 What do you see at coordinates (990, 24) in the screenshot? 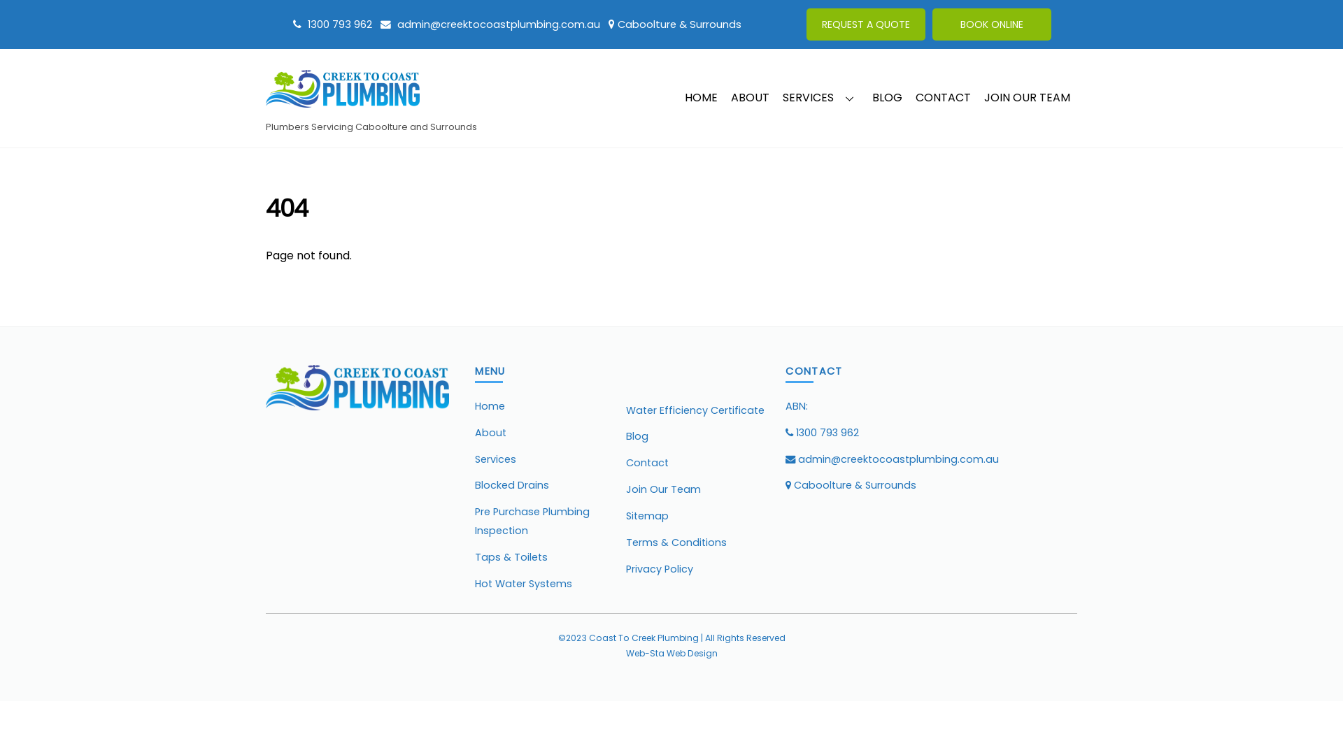
I see `'BOOK ONLINE'` at bounding box center [990, 24].